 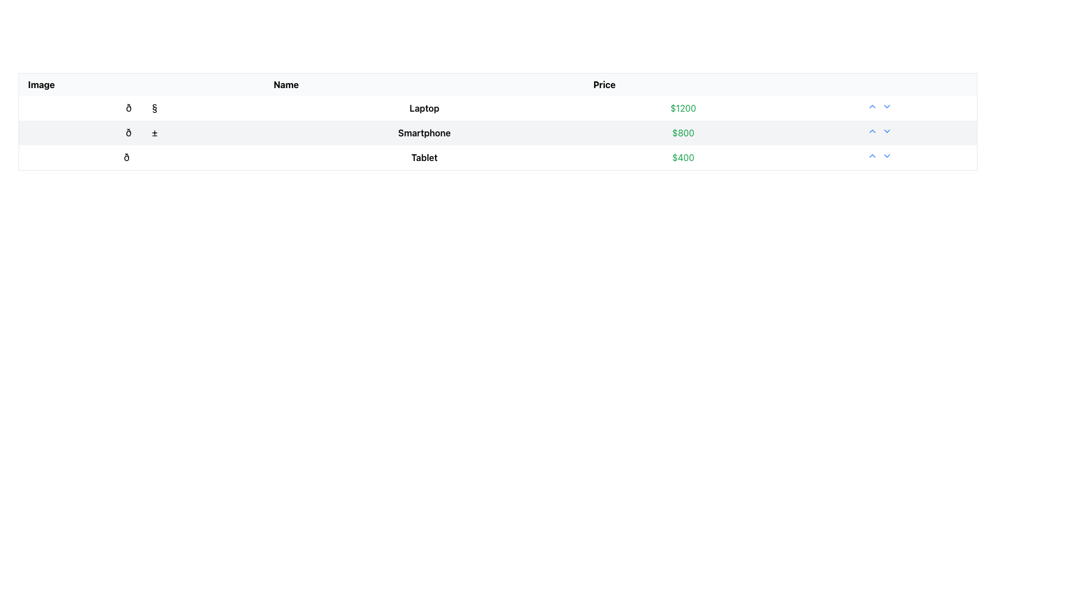 I want to click on the text label displaying the price '$800' in green color located in the 'Price' column under the 'Smartphone' row of the table, so click(x=683, y=132).